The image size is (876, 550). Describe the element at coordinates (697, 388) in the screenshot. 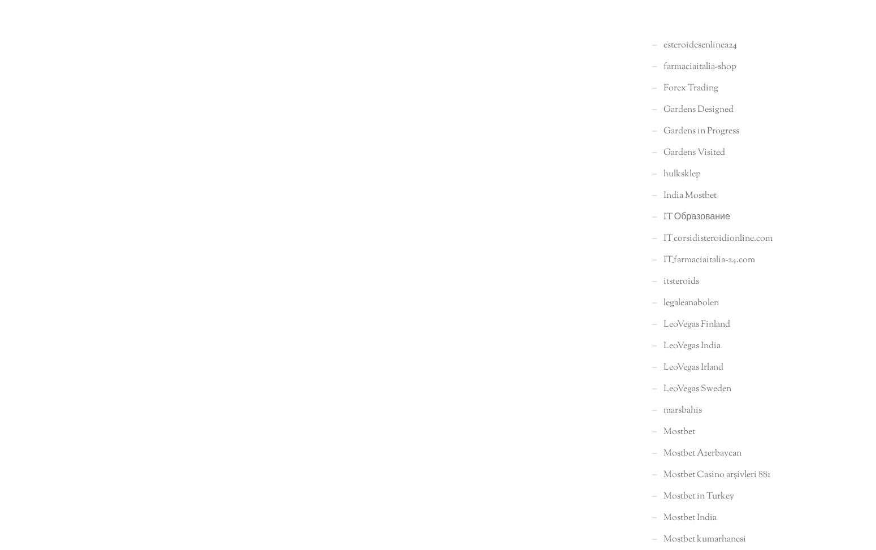

I see `'LeoVegas Sweden'` at that location.